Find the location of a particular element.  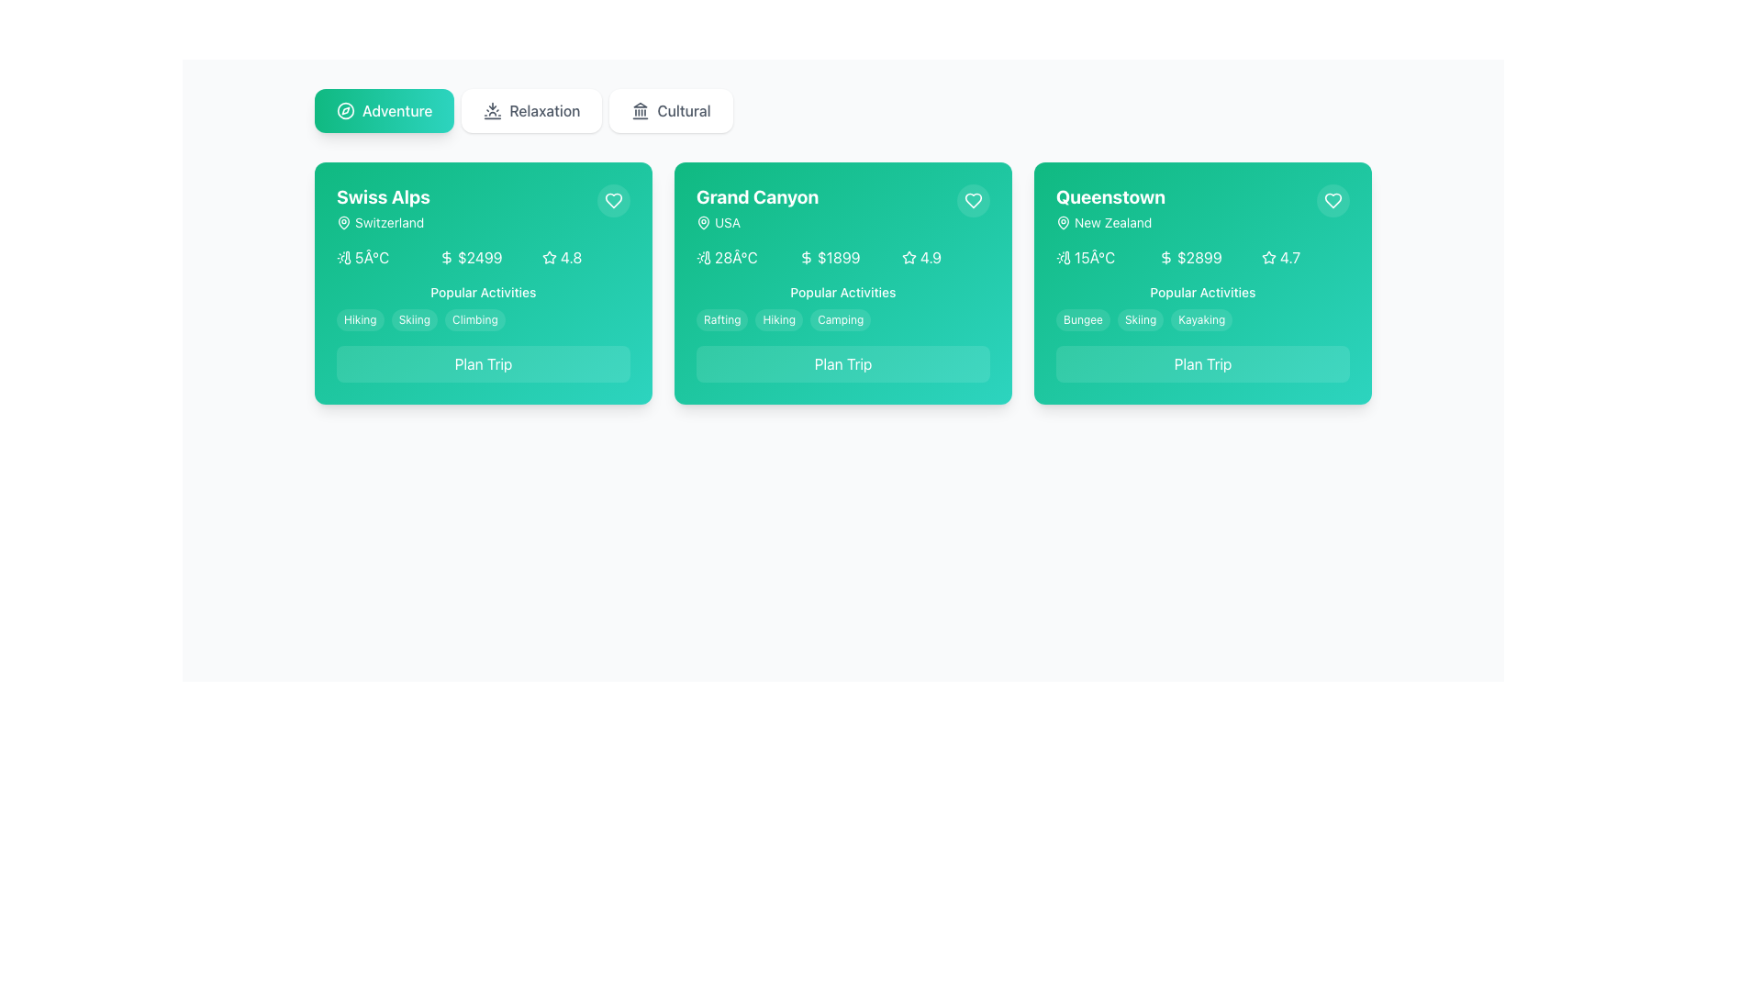

the heart-shaped indicator at the top-right corner of the 'Swiss Alps' card is located at coordinates (613, 201).